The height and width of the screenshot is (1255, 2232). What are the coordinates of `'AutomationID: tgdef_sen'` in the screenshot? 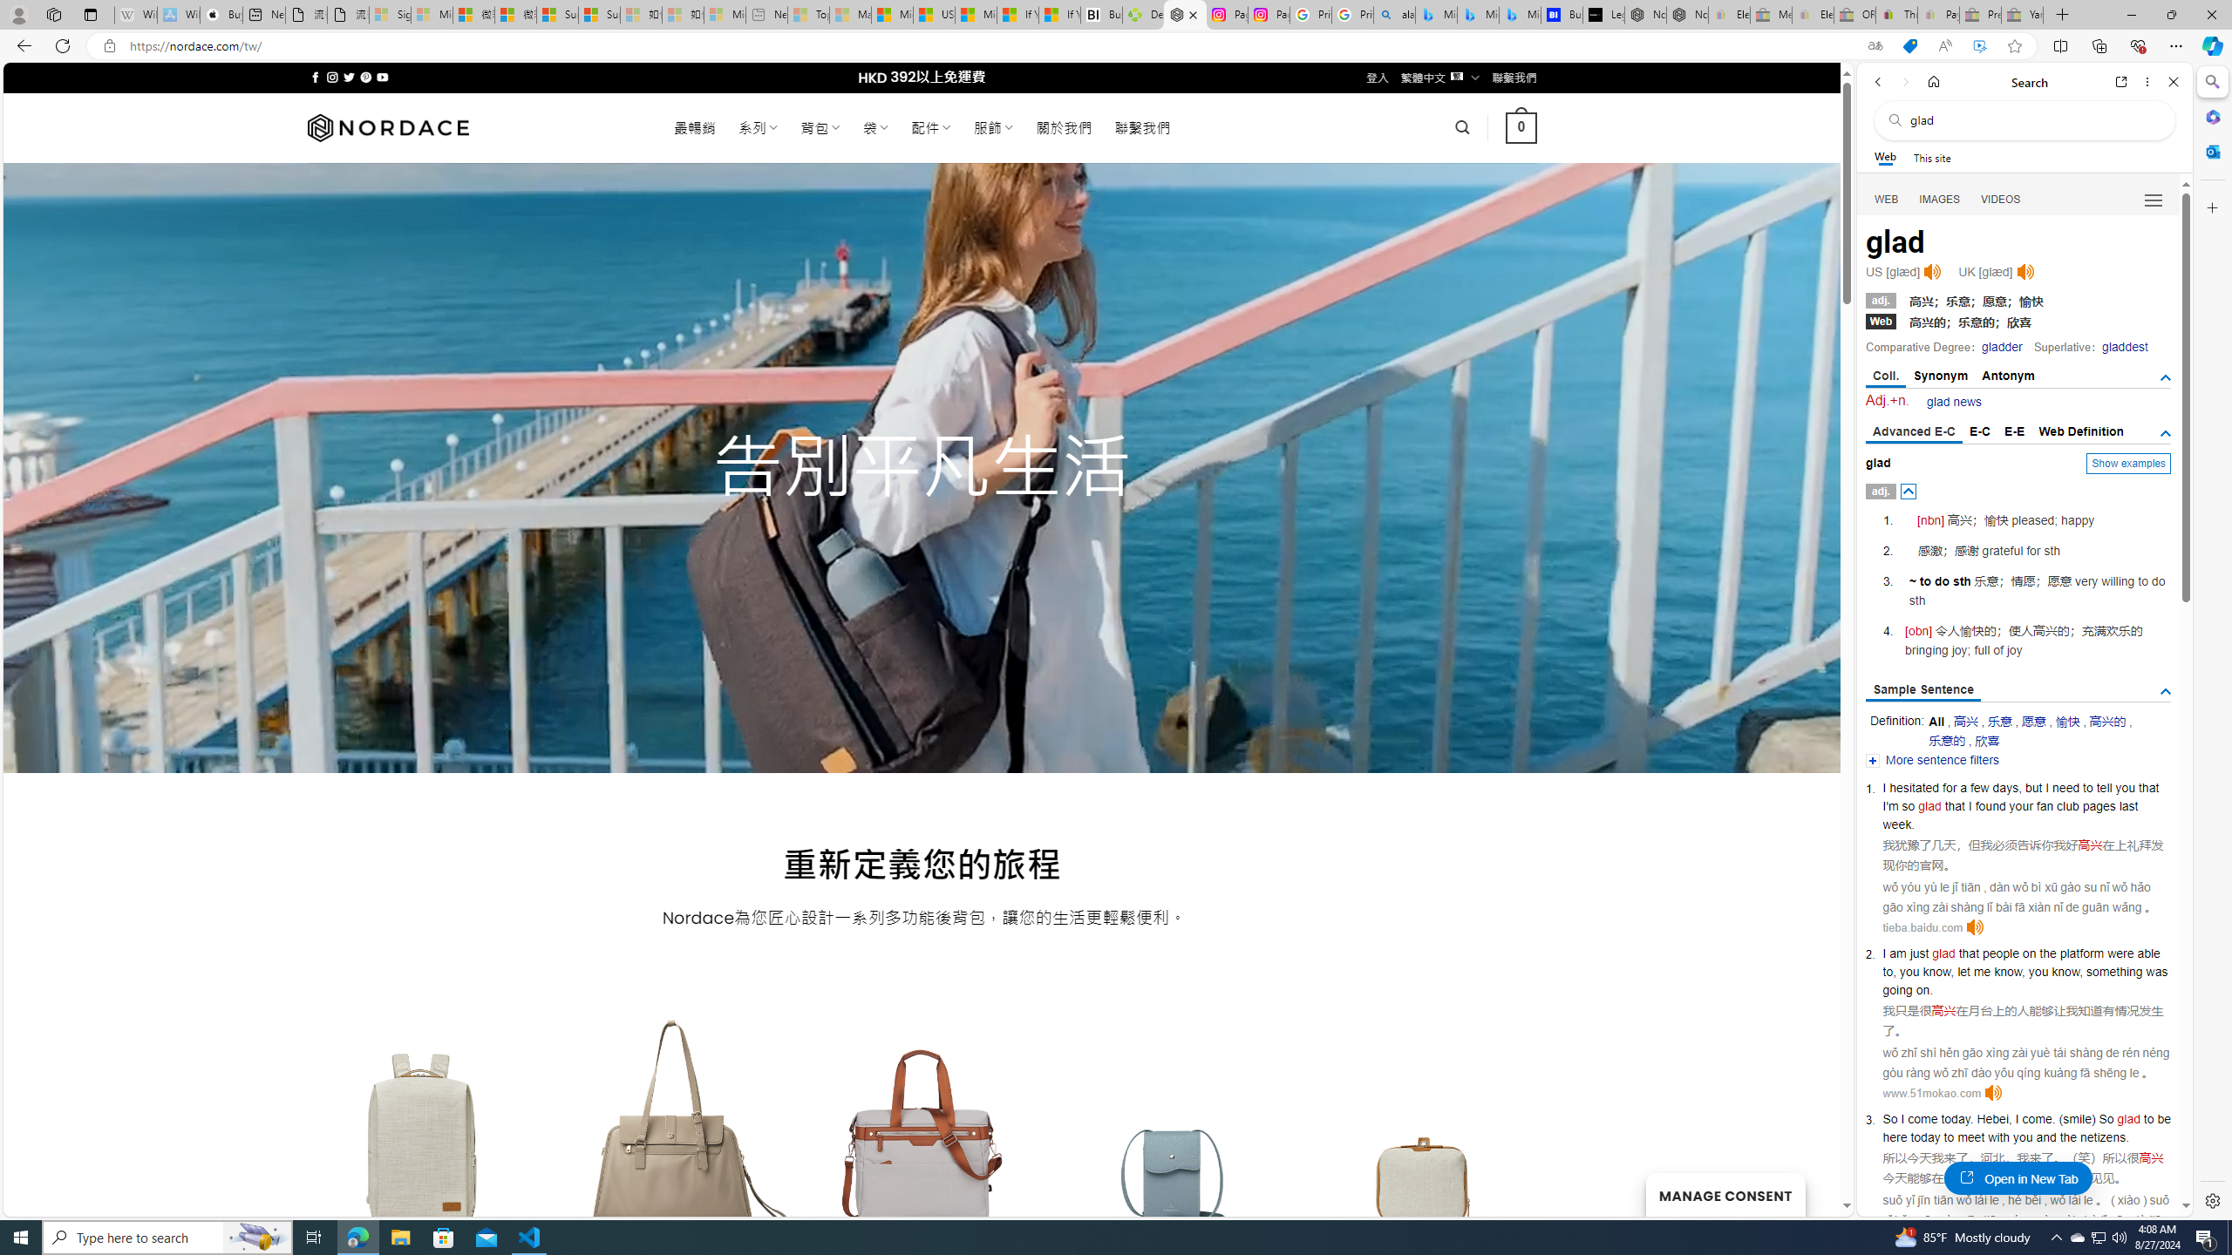 It's located at (2165, 691).